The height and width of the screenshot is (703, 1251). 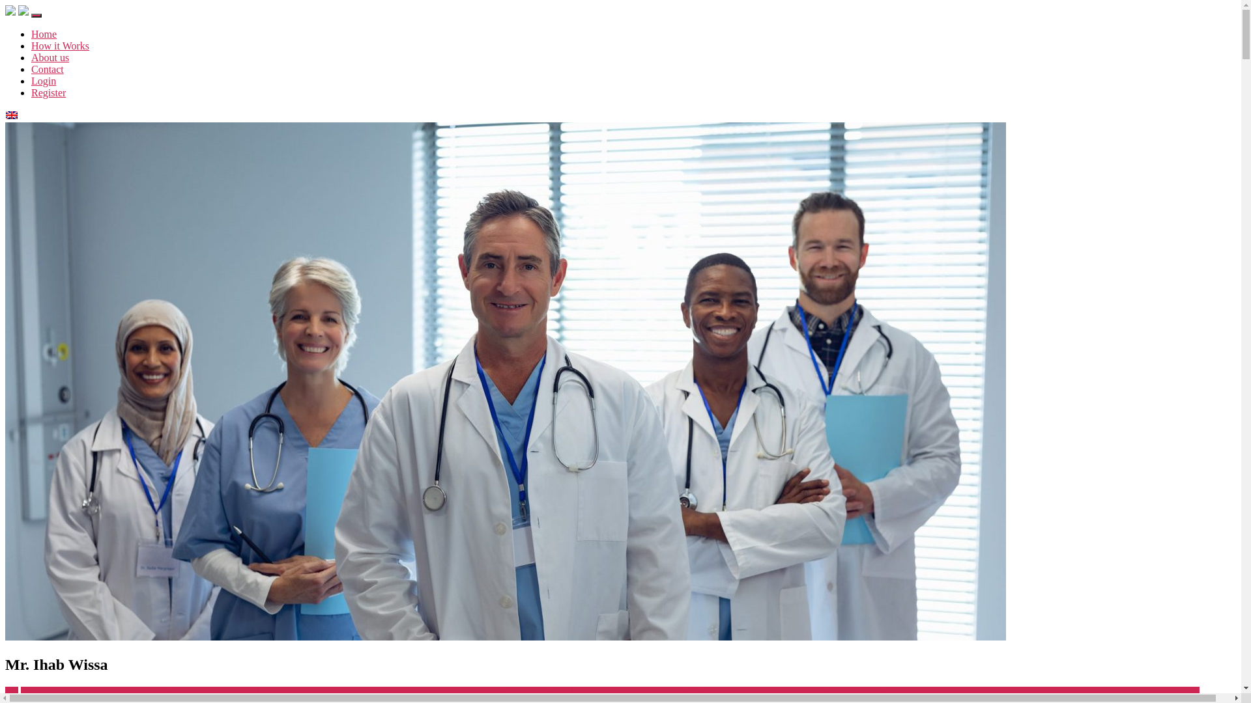 I want to click on '1win-casino-tr', so click(x=51, y=691).